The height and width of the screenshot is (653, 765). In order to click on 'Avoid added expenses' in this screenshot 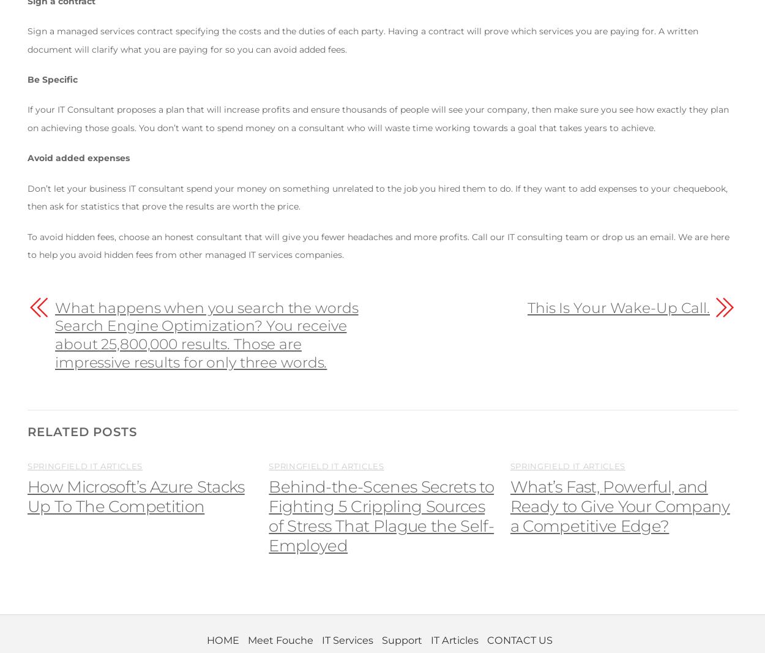, I will do `click(78, 157)`.